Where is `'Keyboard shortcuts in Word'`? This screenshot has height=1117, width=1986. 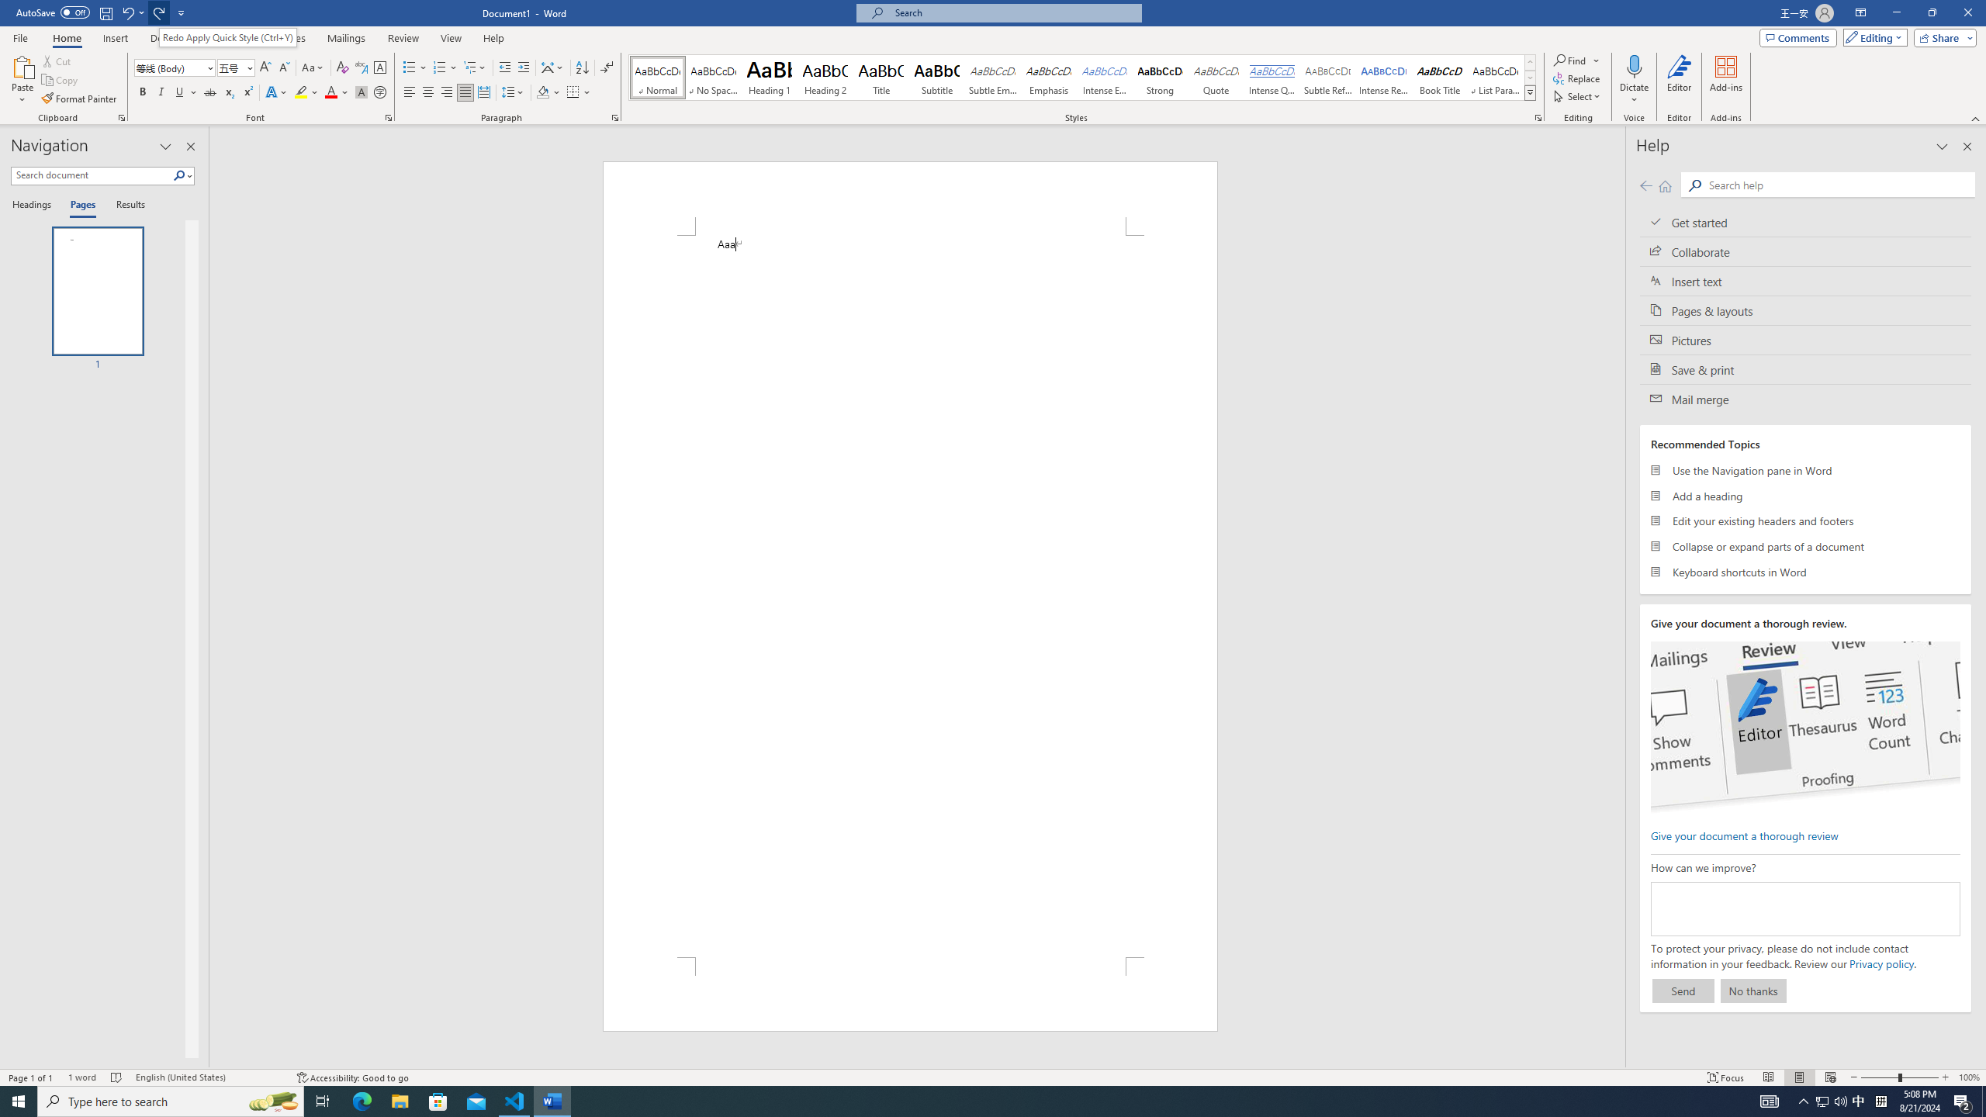 'Keyboard shortcuts in Word' is located at coordinates (1805, 571).